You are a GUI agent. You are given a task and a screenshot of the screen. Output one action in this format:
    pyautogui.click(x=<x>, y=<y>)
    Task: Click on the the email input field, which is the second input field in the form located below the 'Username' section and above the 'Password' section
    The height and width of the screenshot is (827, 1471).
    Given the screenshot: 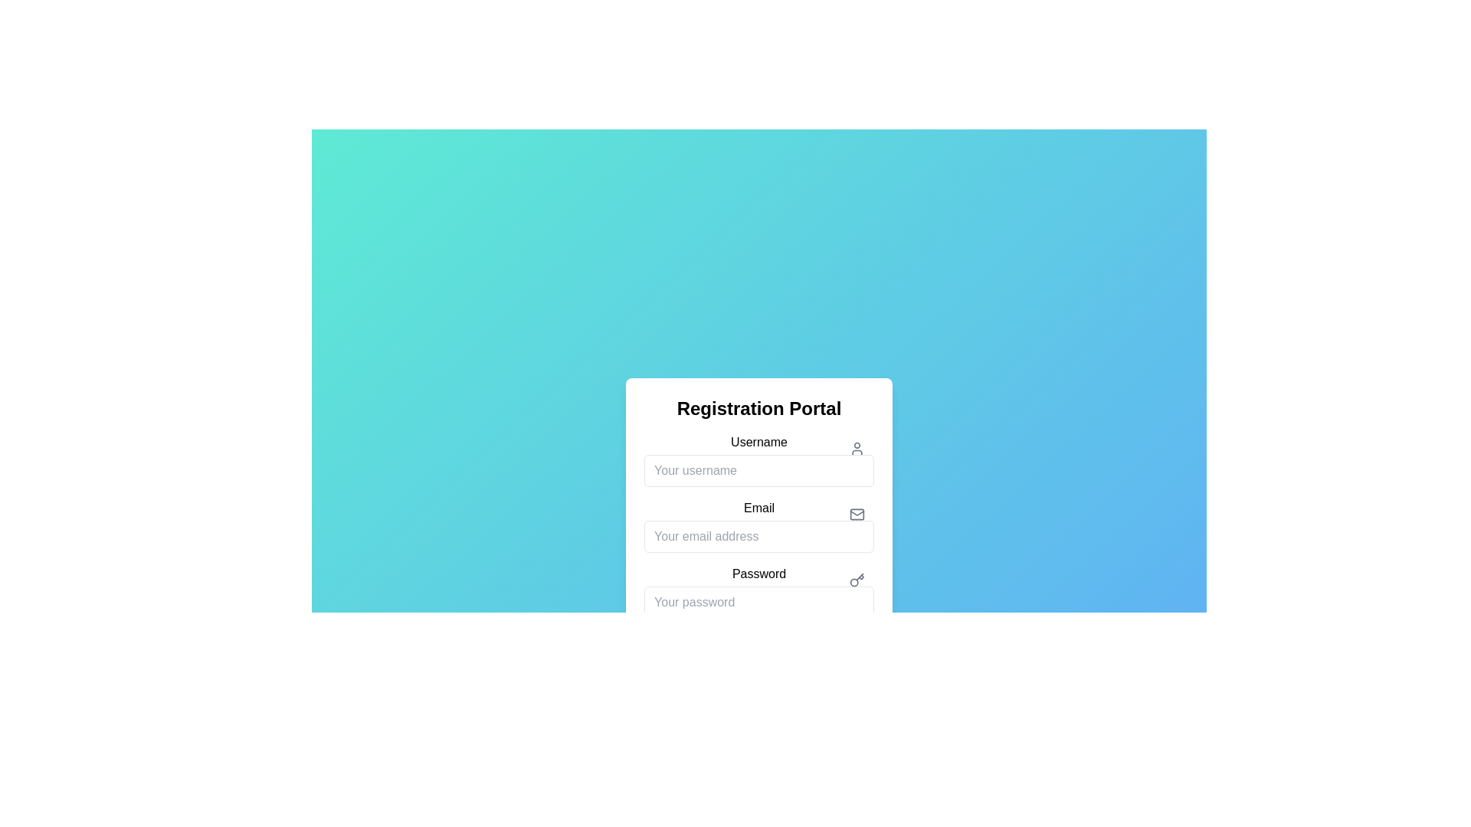 What is the action you would take?
    pyautogui.click(x=758, y=525)
    